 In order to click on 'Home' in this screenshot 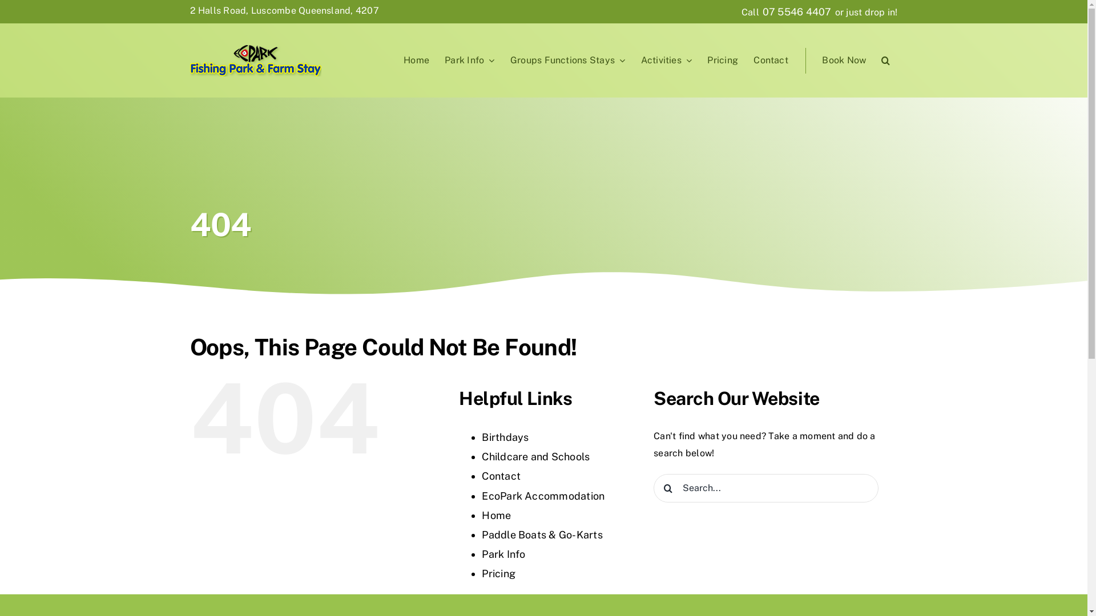, I will do `click(496, 515)`.